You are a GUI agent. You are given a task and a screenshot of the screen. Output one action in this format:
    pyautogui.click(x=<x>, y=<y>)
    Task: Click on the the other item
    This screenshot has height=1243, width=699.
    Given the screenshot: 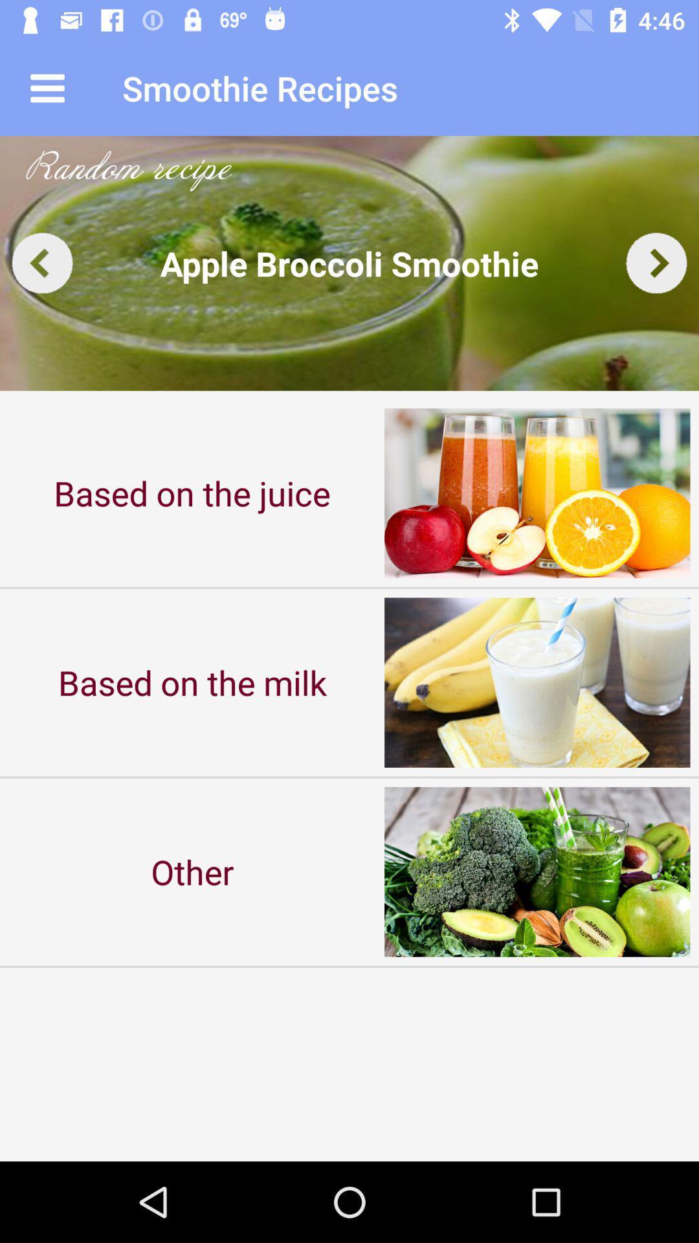 What is the action you would take?
    pyautogui.click(x=192, y=871)
    